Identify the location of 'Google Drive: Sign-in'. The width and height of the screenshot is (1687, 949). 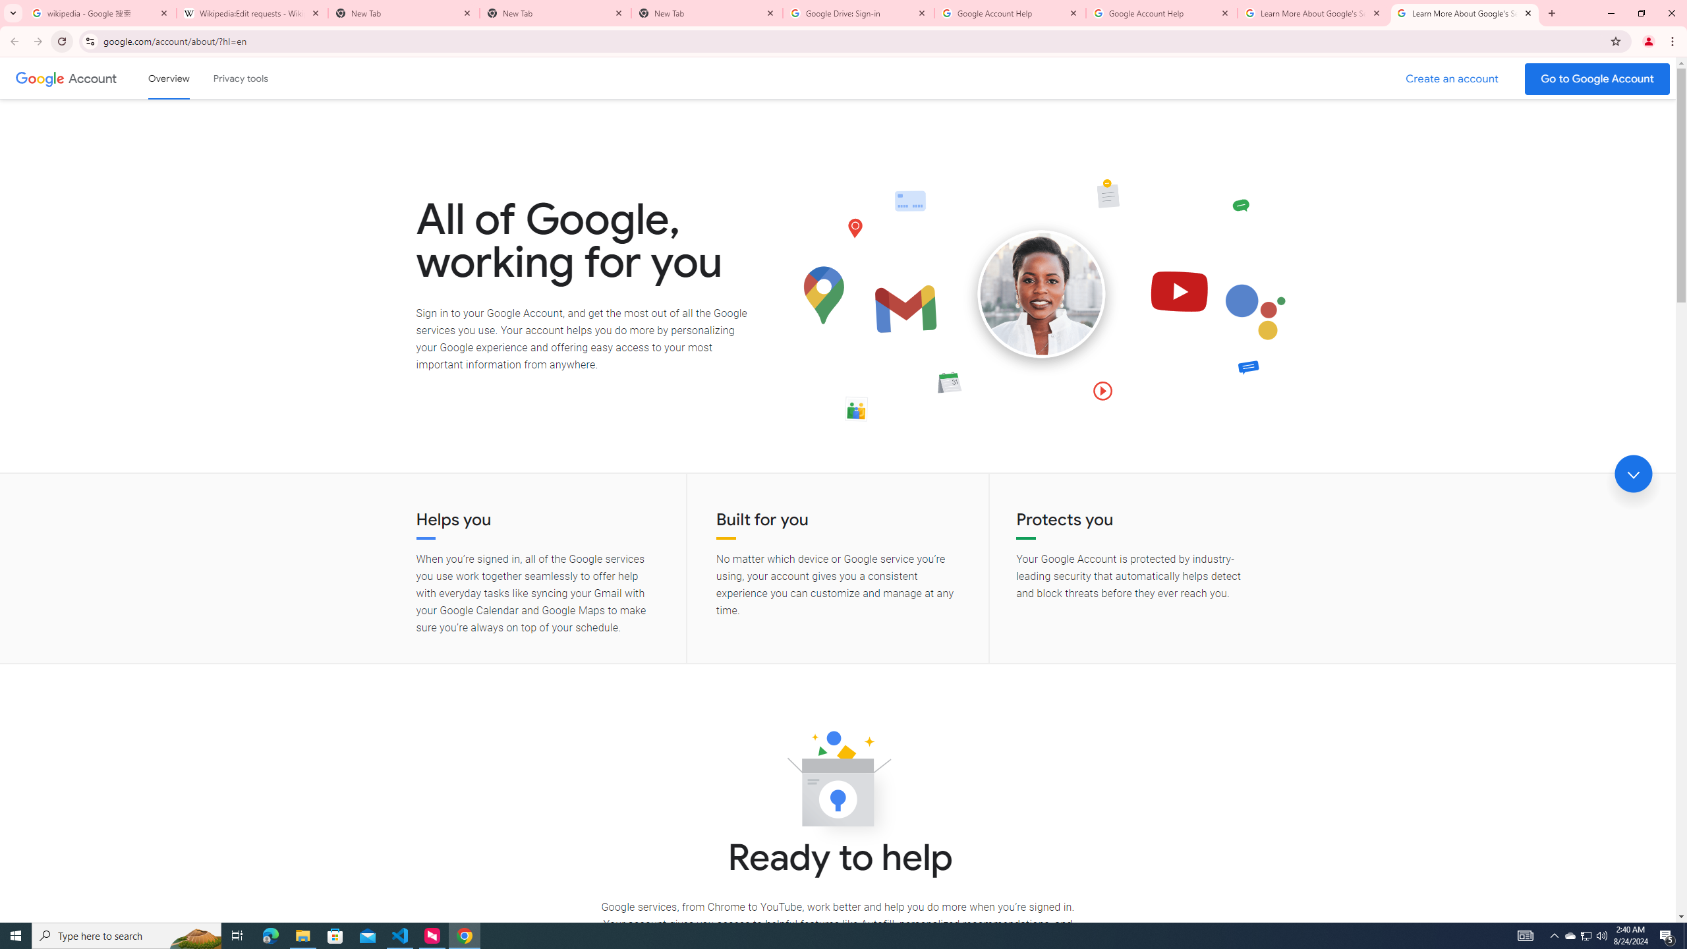
(859, 13).